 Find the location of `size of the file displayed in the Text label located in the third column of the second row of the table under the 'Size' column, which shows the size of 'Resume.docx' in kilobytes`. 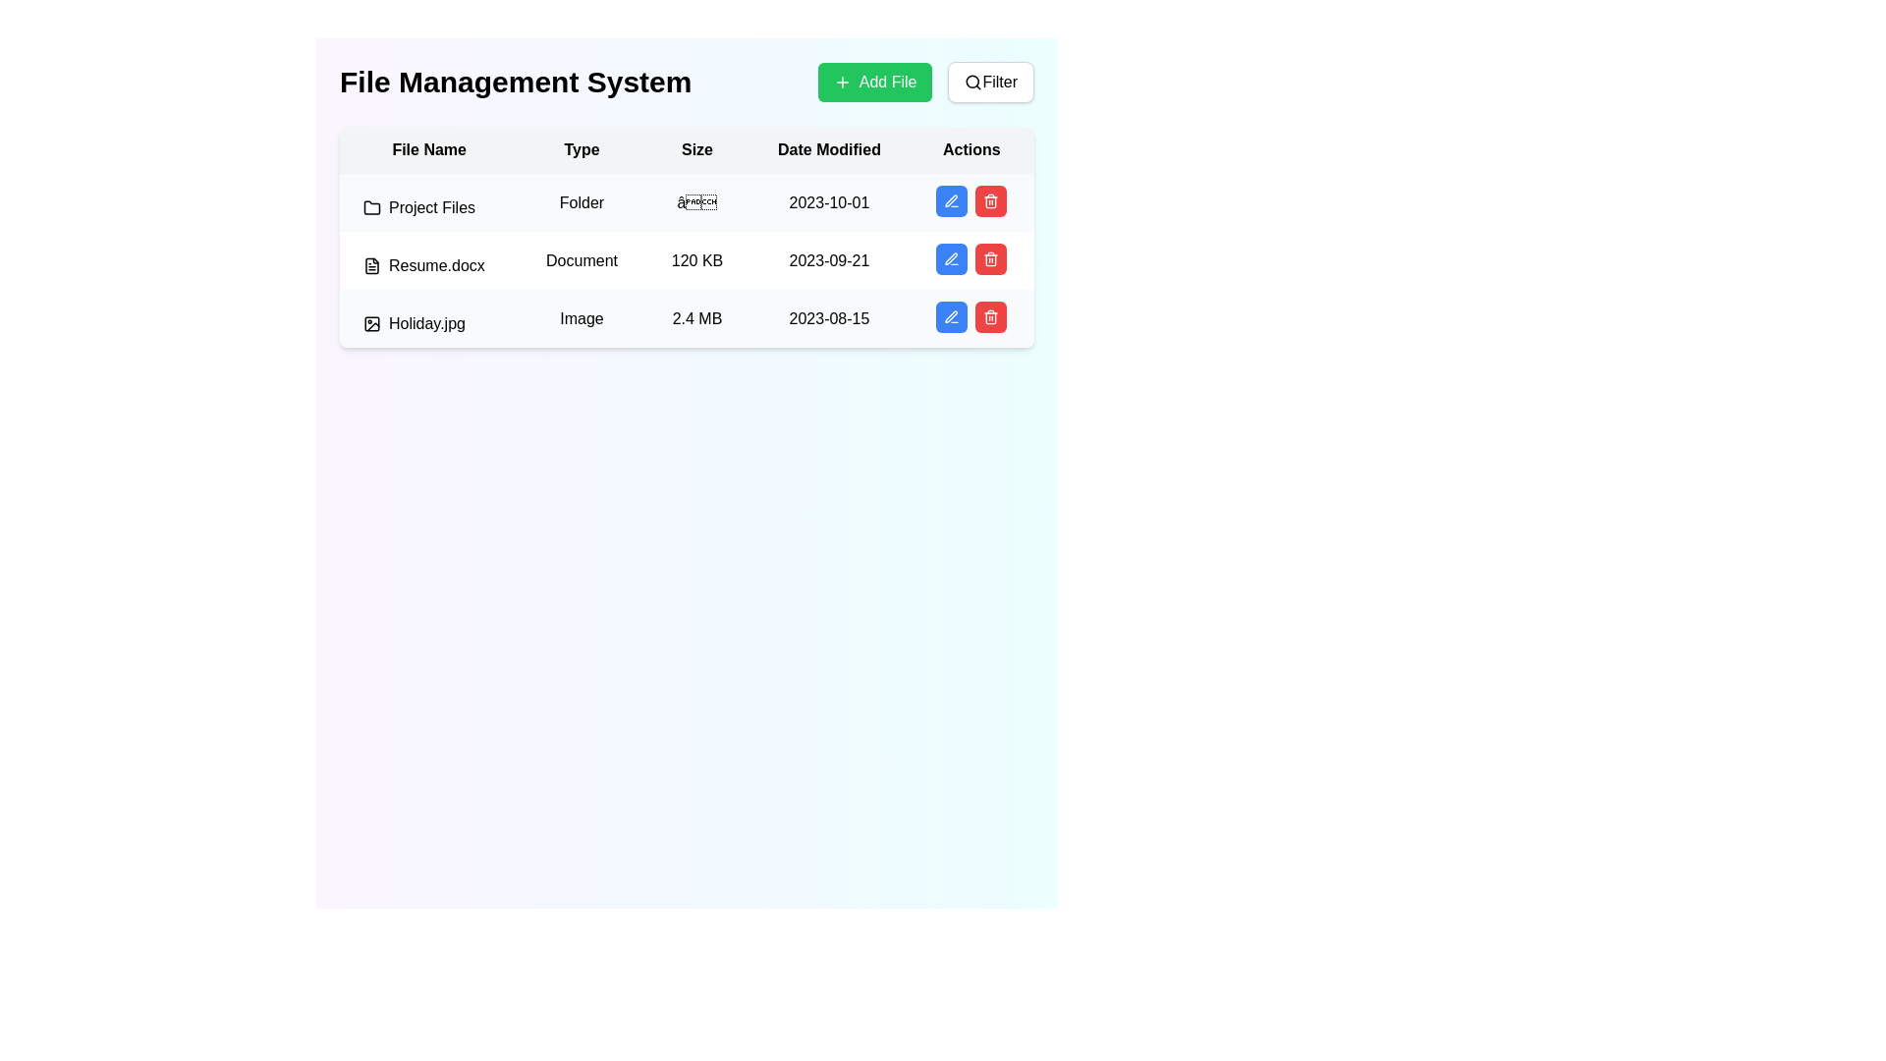

size of the file displayed in the Text label located in the third column of the second row of the table under the 'Size' column, which shows the size of 'Resume.docx' in kilobytes is located at coordinates (697, 259).